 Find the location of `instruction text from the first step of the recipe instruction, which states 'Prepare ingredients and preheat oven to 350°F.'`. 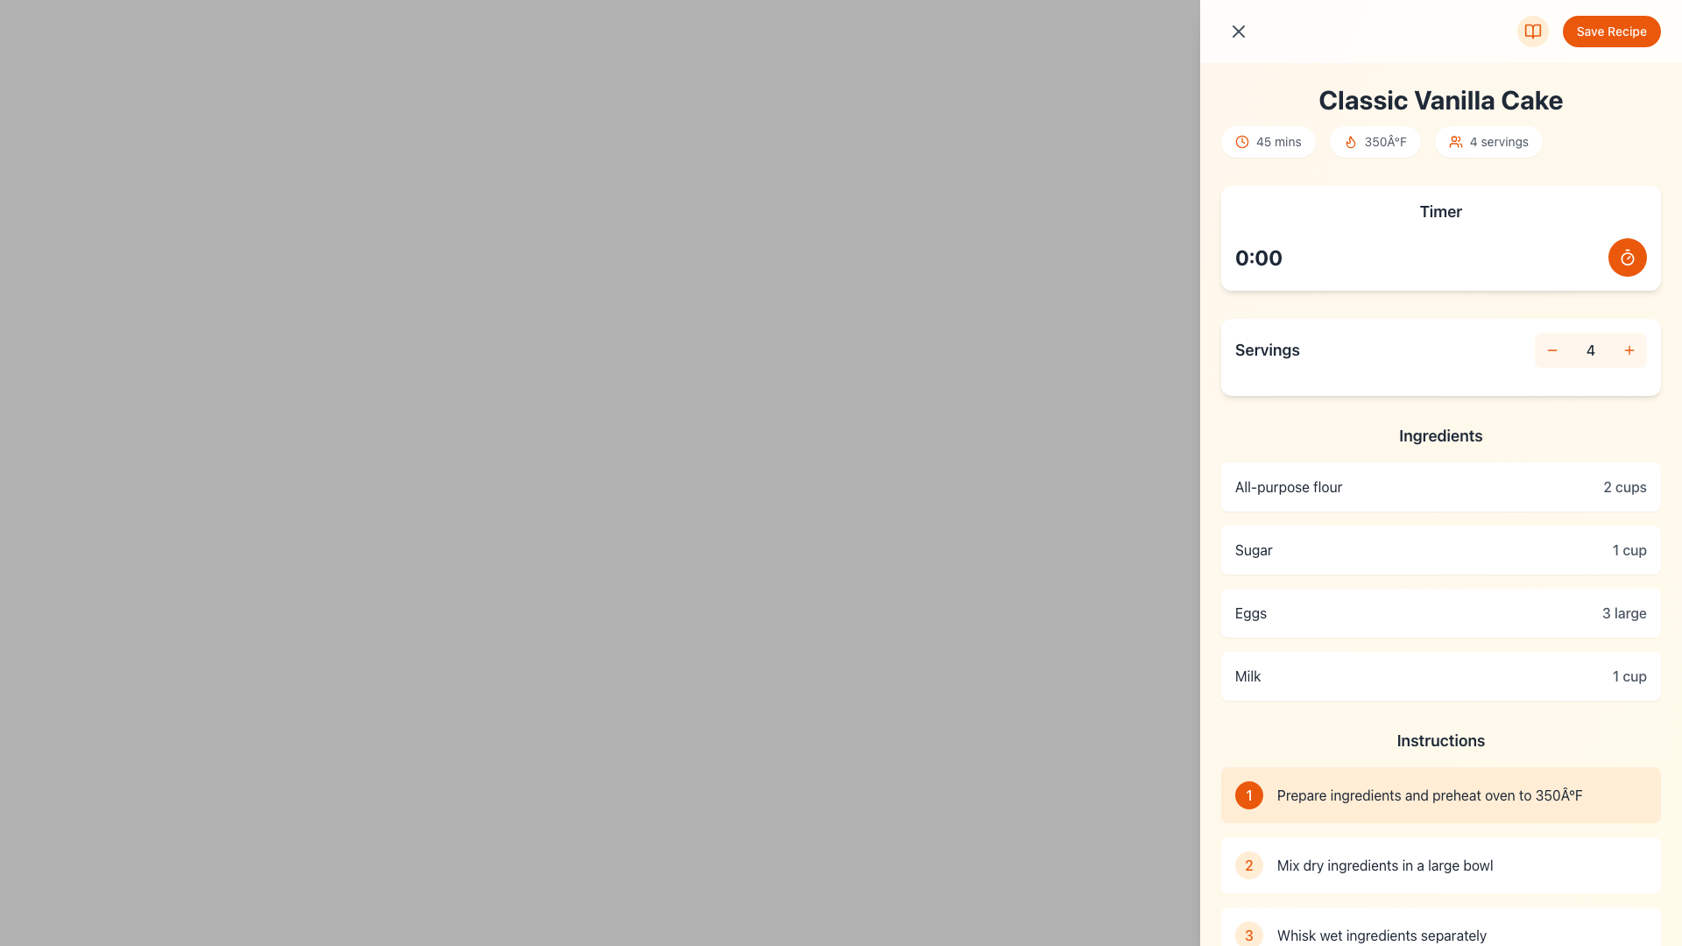

instruction text from the first step of the recipe instruction, which states 'Prepare ingredients and preheat oven to 350°F.' is located at coordinates (1441, 794).